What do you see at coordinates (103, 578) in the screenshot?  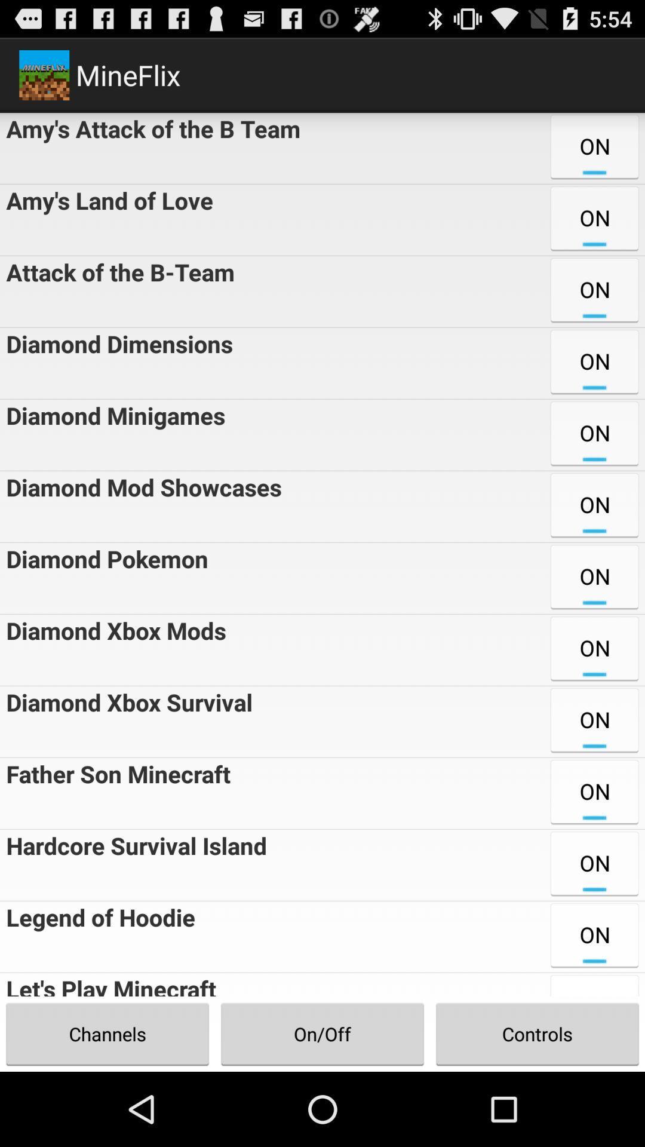 I see `item above diamond xbox mods icon` at bounding box center [103, 578].